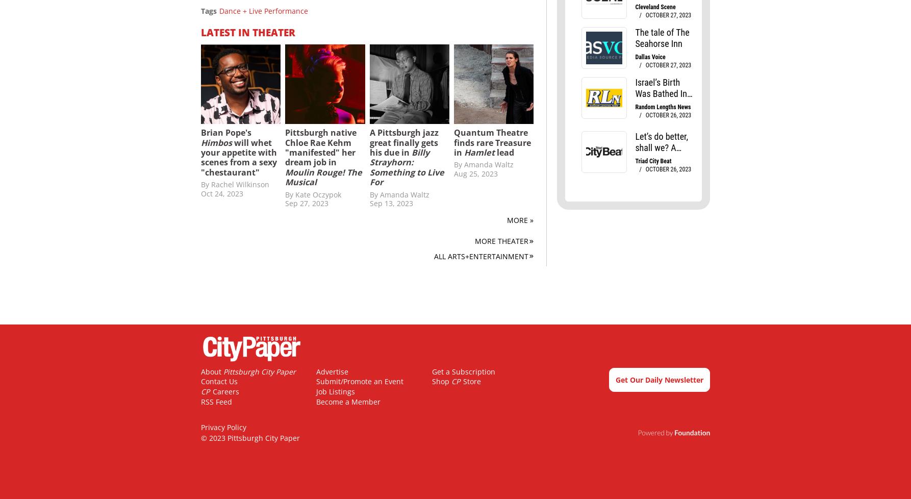  I want to click on 'will whet your appetite with scenes from a sexy "chestaurant"', so click(238, 156).